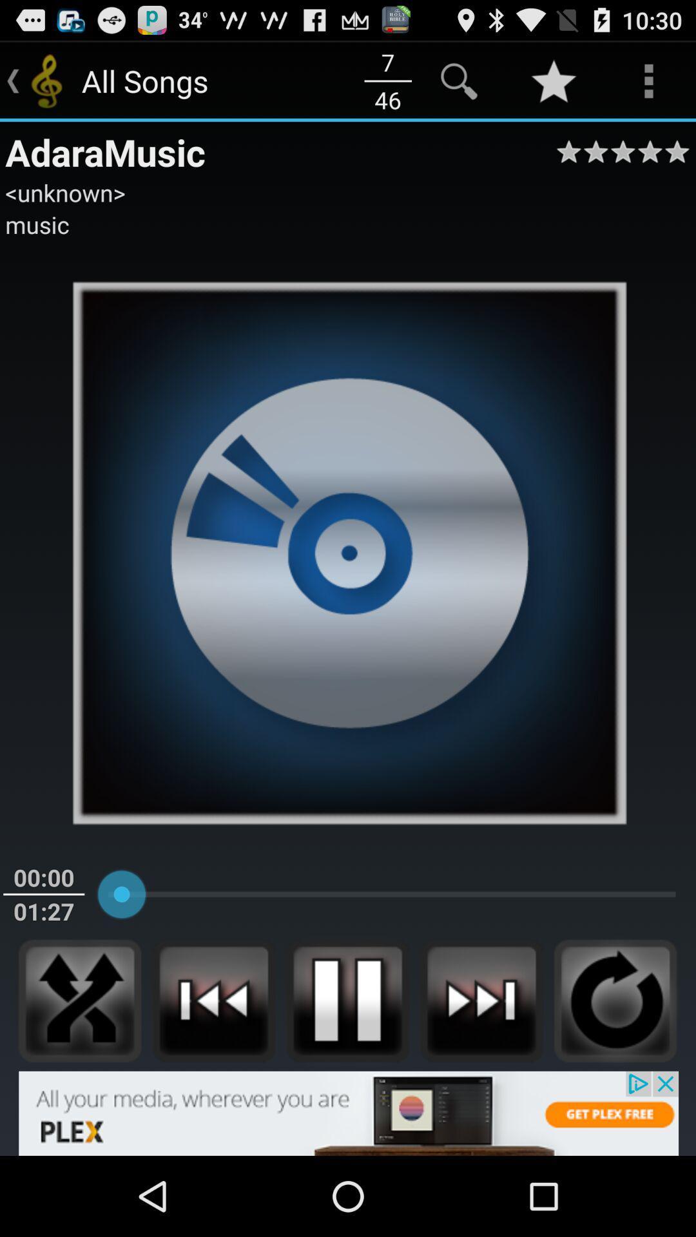 This screenshot has width=696, height=1237. Describe the element at coordinates (615, 1000) in the screenshot. I see `repeat track` at that location.